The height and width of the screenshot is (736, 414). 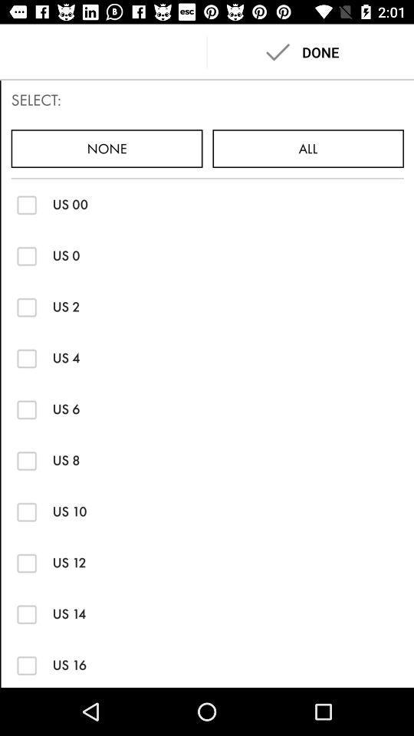 I want to click on tick the column, so click(x=27, y=255).